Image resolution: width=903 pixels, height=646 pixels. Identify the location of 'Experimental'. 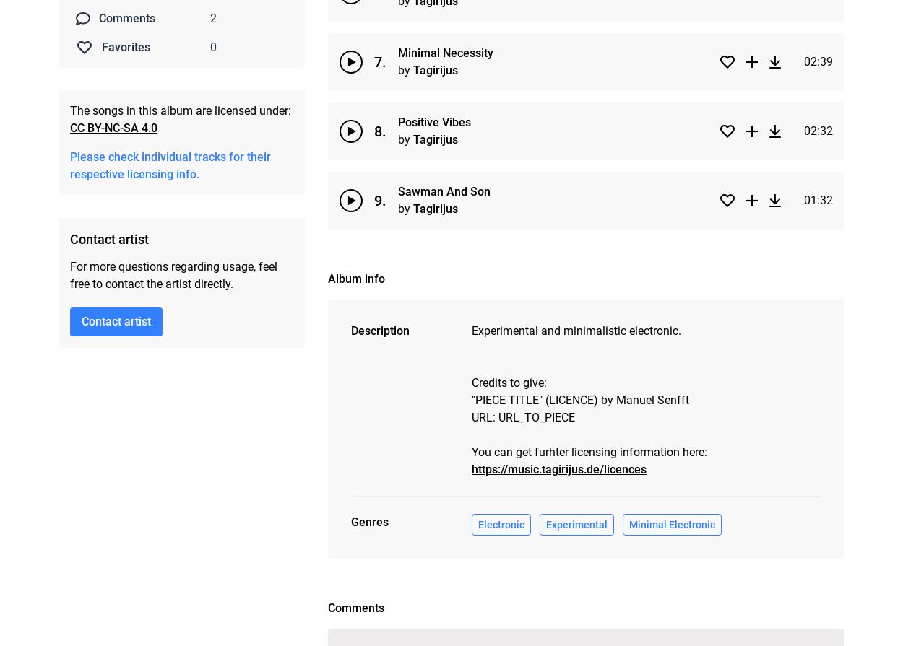
(576, 66).